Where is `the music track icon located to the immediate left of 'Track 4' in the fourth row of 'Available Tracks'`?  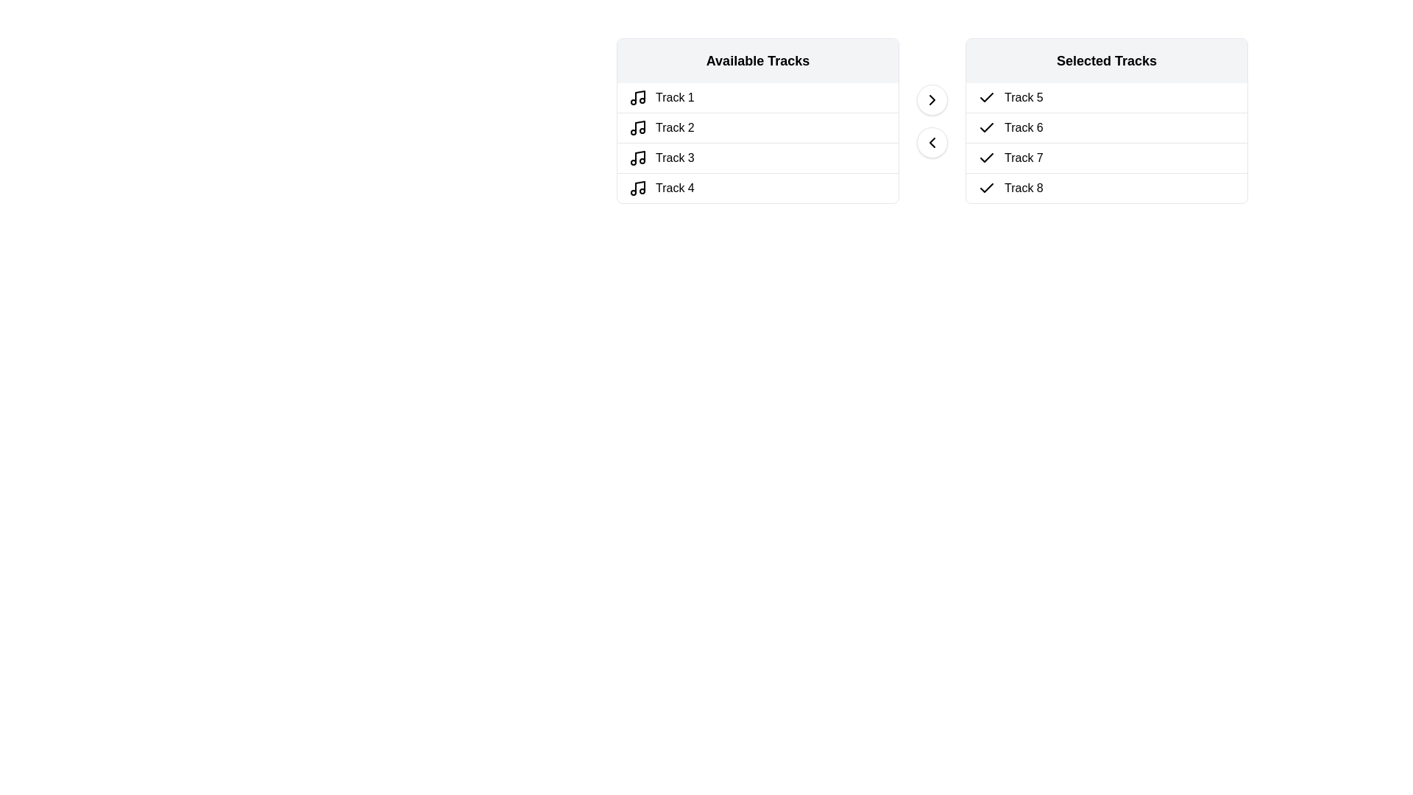
the music track icon located to the immediate left of 'Track 4' in the fourth row of 'Available Tracks' is located at coordinates (638, 187).